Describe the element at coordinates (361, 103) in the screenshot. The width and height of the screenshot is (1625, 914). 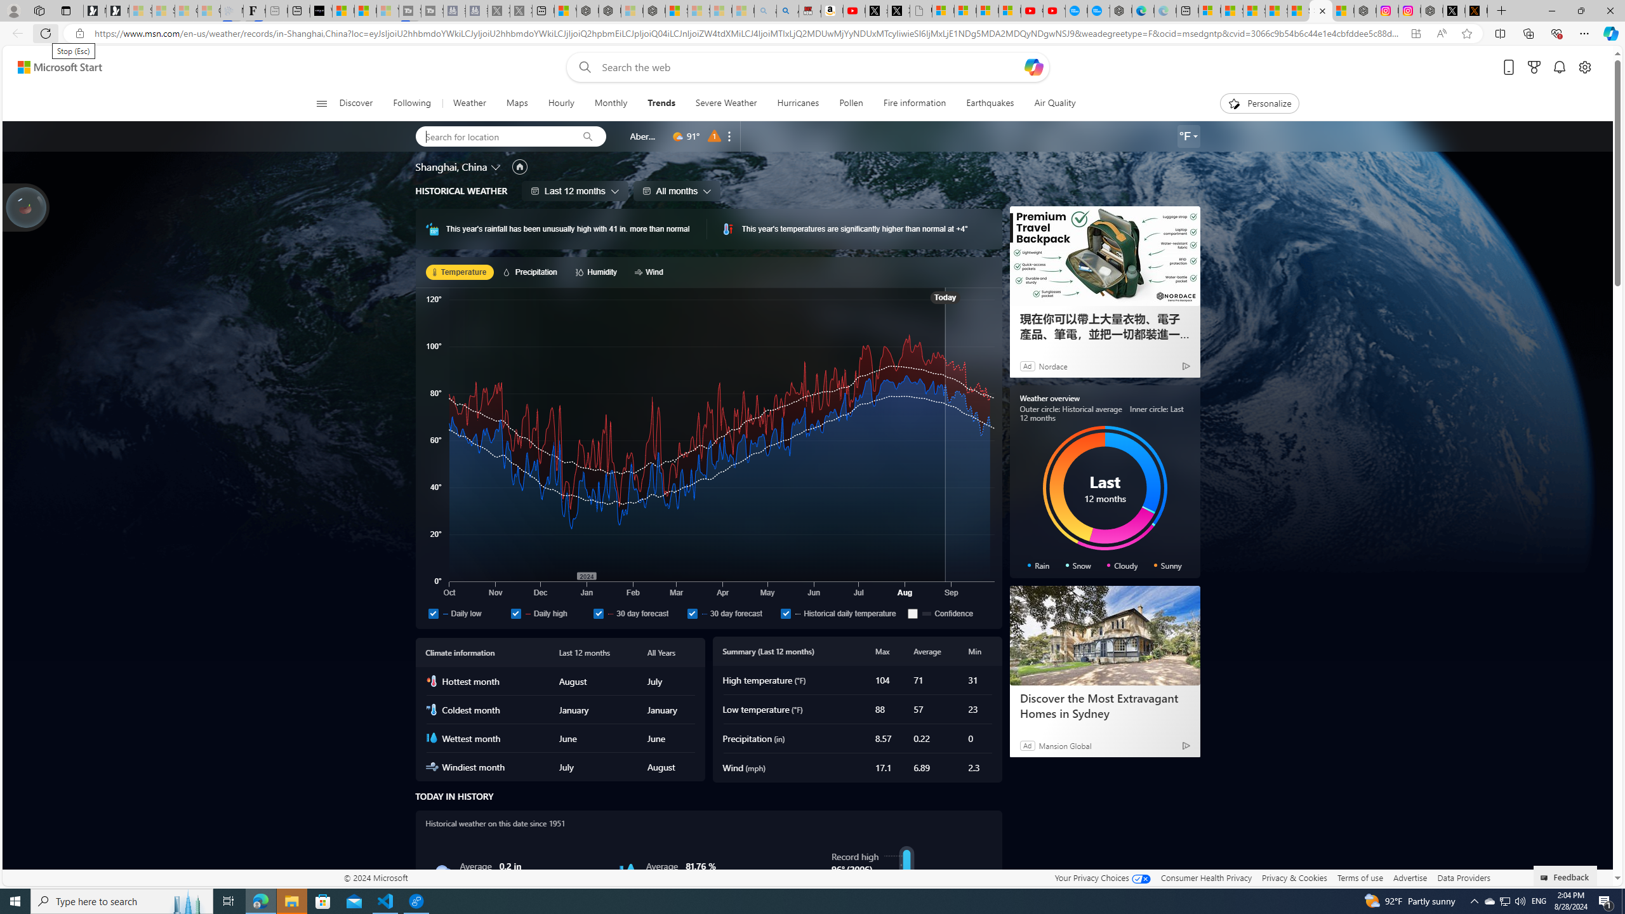
I see `'Discover'` at that location.